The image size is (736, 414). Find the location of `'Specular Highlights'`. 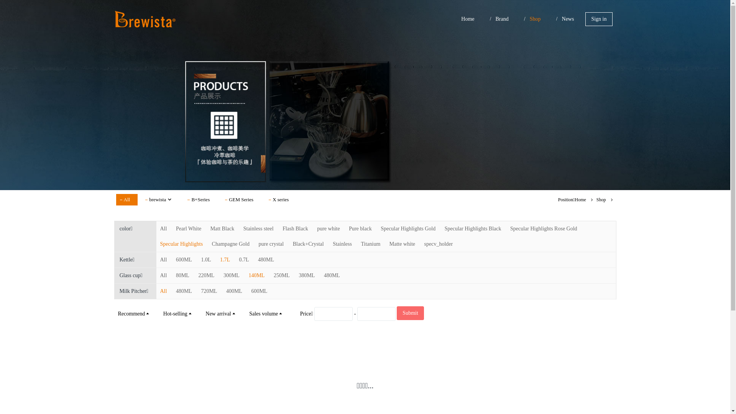

'Specular Highlights' is located at coordinates (181, 244).